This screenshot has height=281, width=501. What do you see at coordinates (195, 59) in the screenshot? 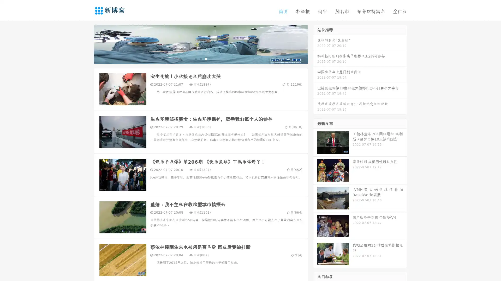
I see `Go to slide 1` at bounding box center [195, 59].